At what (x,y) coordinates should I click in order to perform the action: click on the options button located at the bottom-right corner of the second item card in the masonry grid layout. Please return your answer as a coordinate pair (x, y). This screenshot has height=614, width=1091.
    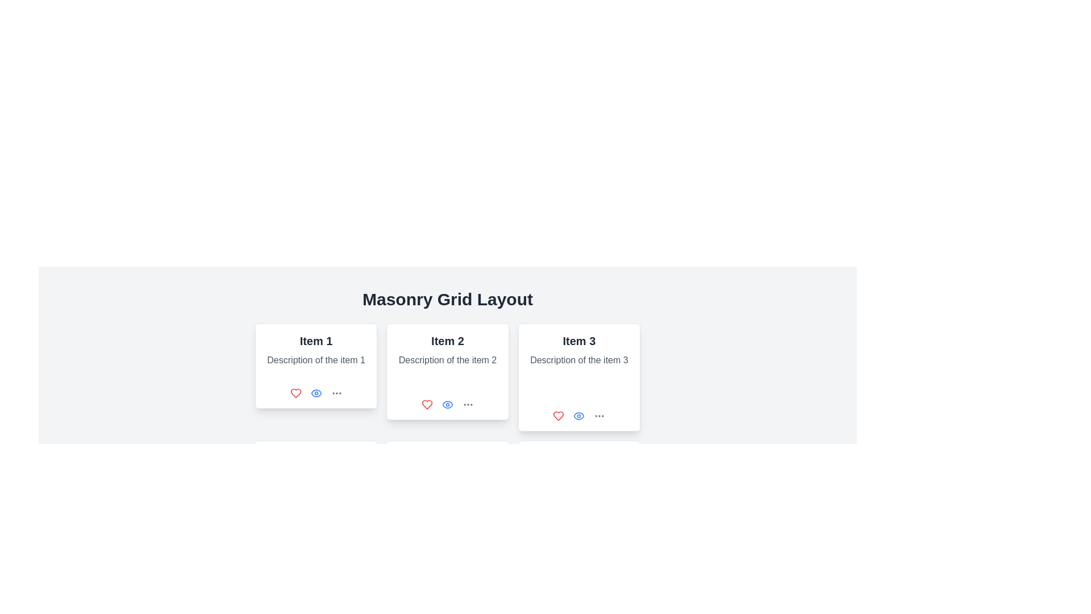
    Looking at the image, I should click on (468, 404).